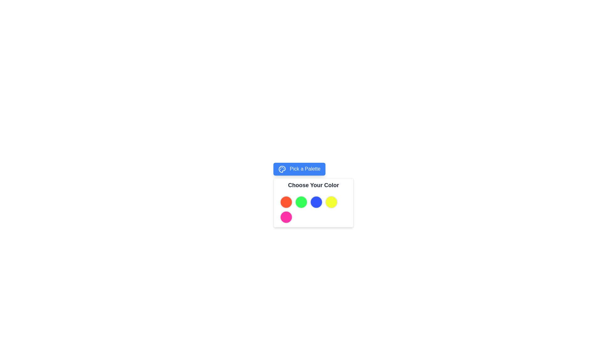 Image resolution: width=602 pixels, height=338 pixels. Describe the element at coordinates (299, 203) in the screenshot. I see `the color button in the Color Selector component, which features a title 'Choose Your Color' and a row of circular color buttons` at that location.